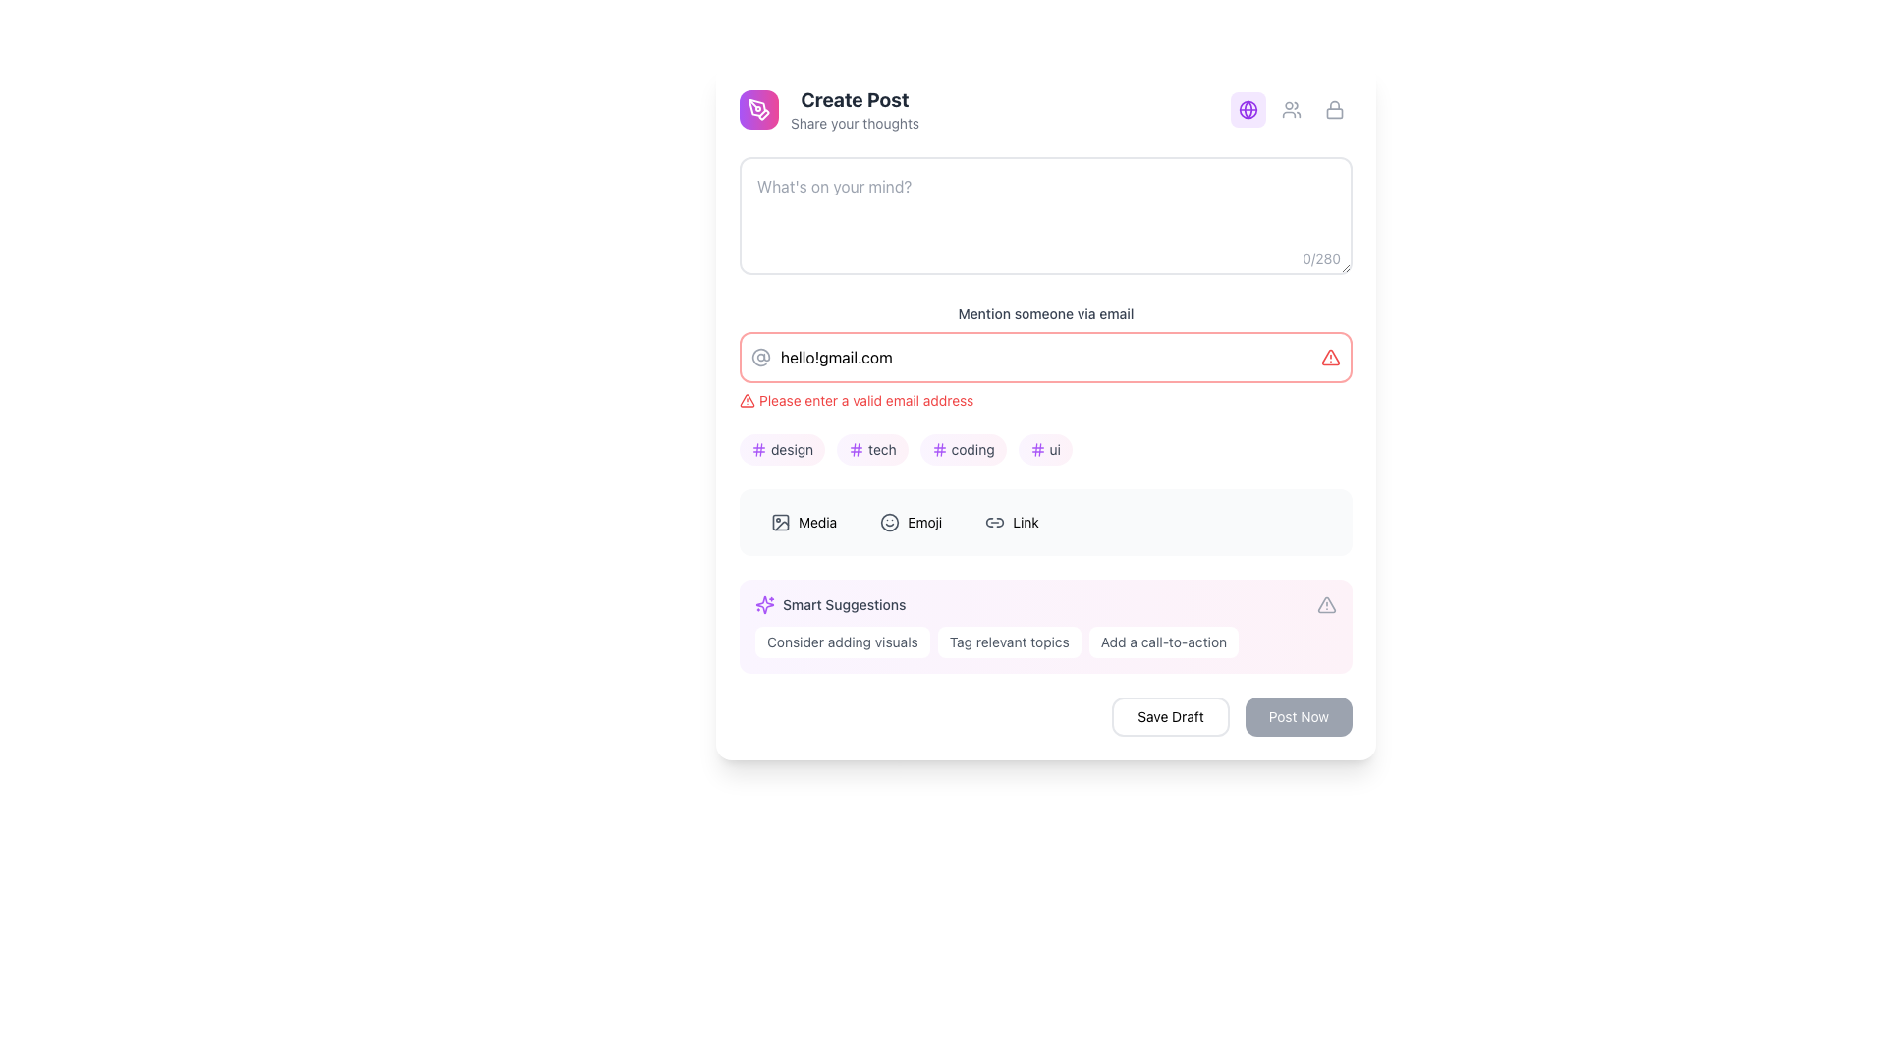 The height and width of the screenshot is (1061, 1886). What do you see at coordinates (1045, 450) in the screenshot?
I see `the interactive tag buttons located below the red-bordered error message about an invalid email address and above the options panel labeled 'Media,' 'Emoji,' and 'Link'` at bounding box center [1045, 450].